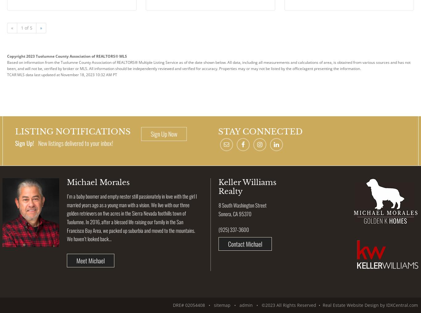 The height and width of the screenshot is (313, 421). I want to click on '•   ©2023 All Rights Reserved  •', so click(288, 305).